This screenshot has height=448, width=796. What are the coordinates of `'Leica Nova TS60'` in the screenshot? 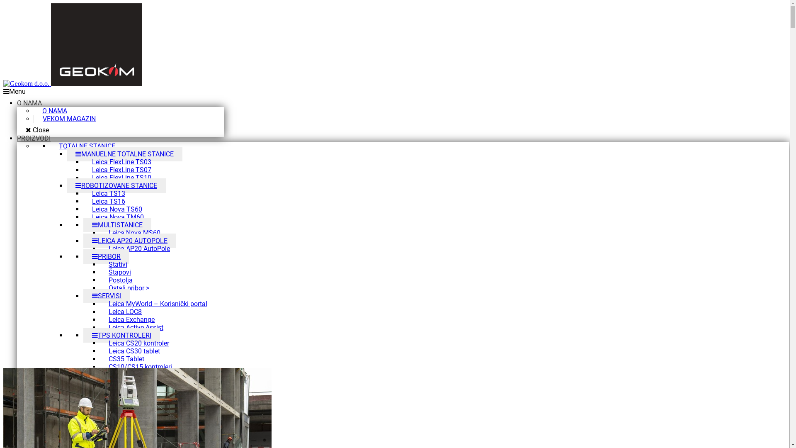 It's located at (116, 209).